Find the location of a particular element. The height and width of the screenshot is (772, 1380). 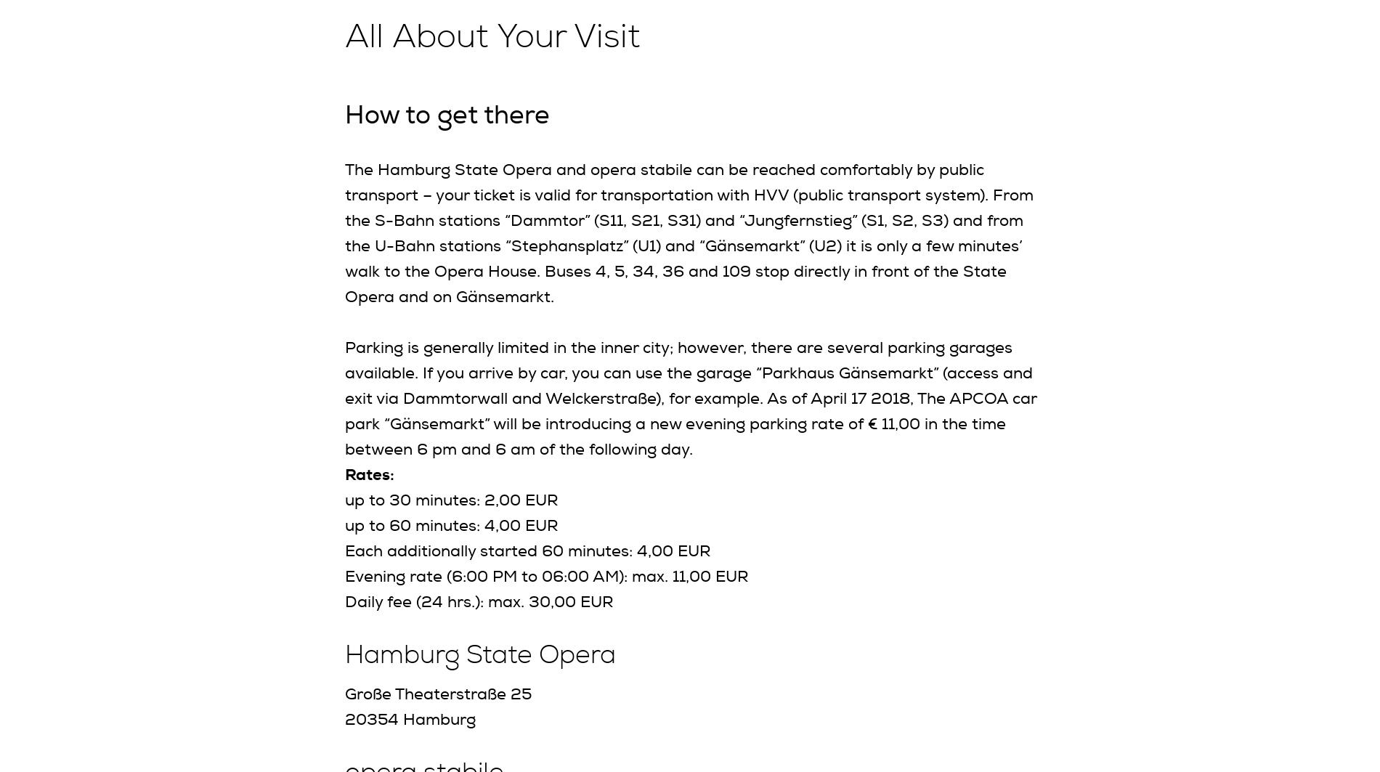

'Rates:' is located at coordinates (370, 474).